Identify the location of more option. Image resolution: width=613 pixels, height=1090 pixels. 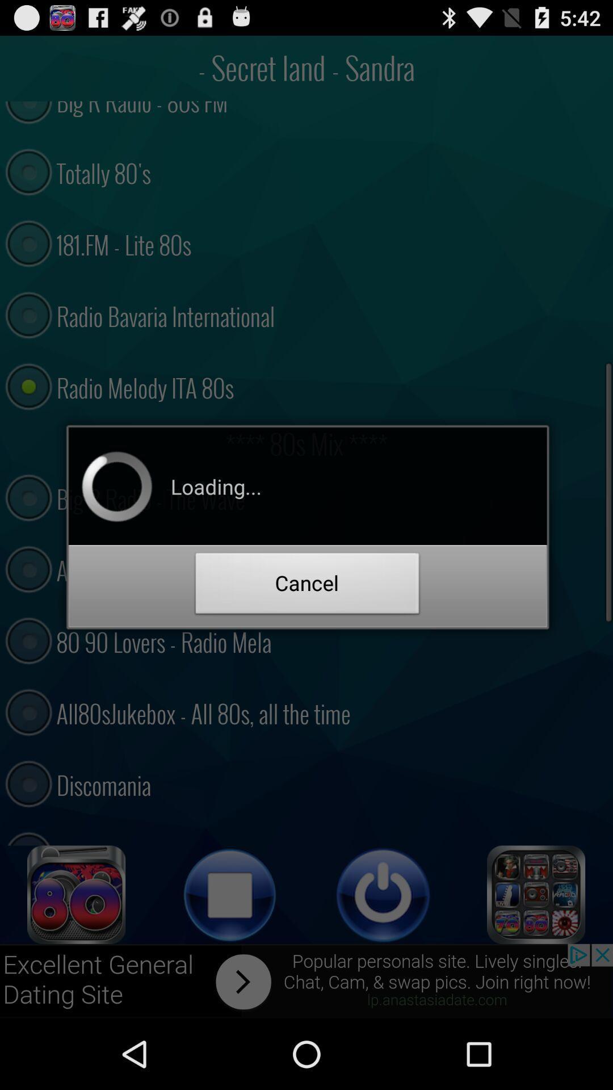
(536, 894).